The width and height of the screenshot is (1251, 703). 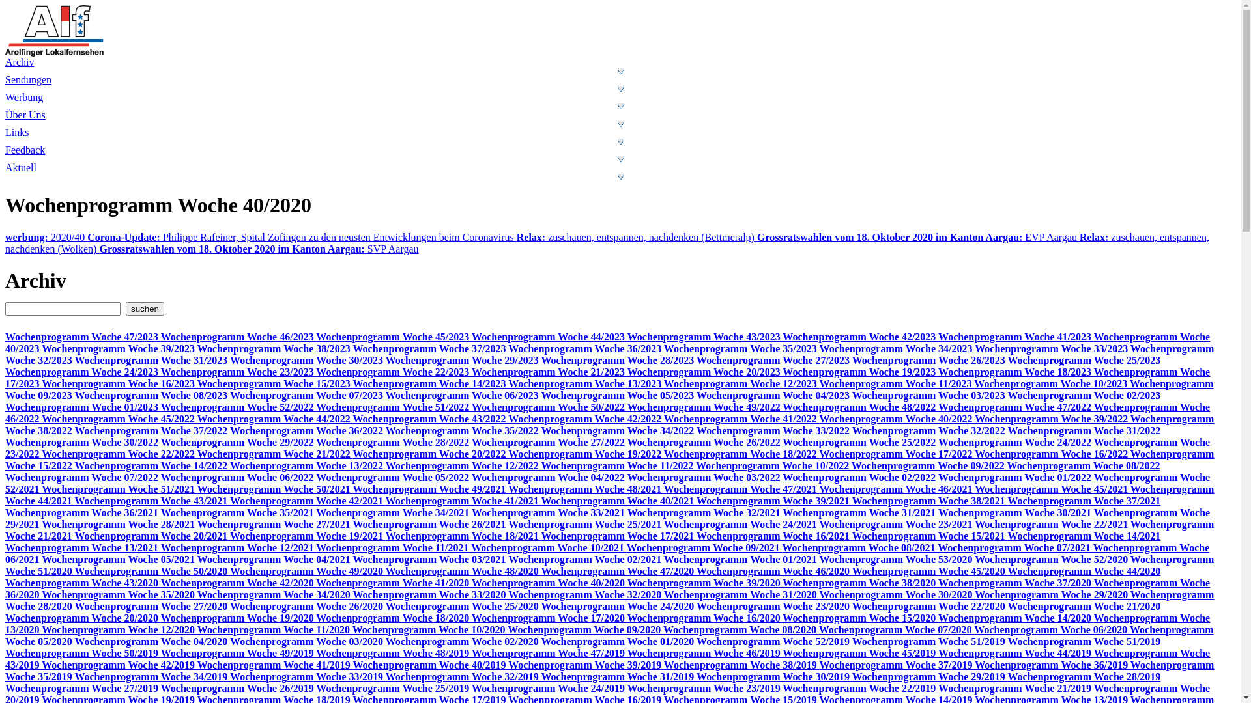 I want to click on 'Wochenprogramm Woche 43/2023', so click(x=704, y=336).